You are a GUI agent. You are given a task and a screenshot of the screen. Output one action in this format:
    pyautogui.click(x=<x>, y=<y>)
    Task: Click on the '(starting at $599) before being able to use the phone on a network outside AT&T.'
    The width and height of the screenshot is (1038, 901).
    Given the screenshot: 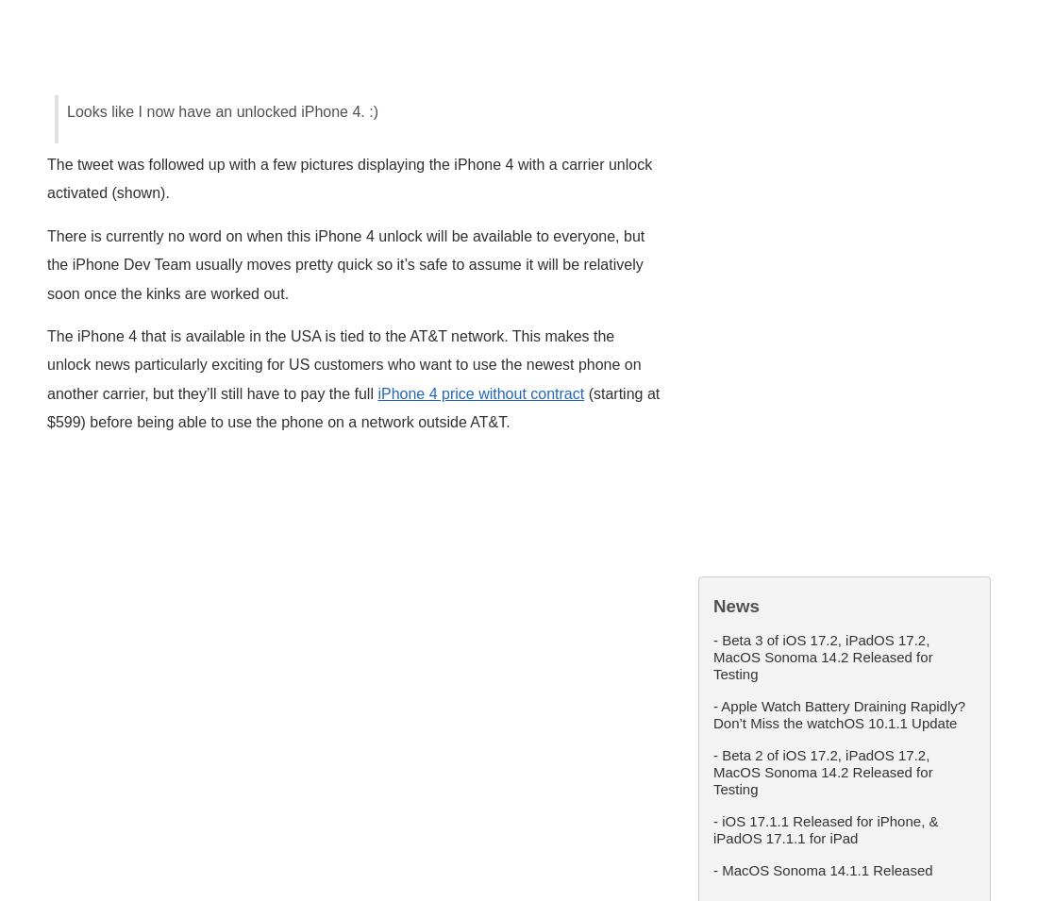 What is the action you would take?
    pyautogui.click(x=353, y=407)
    